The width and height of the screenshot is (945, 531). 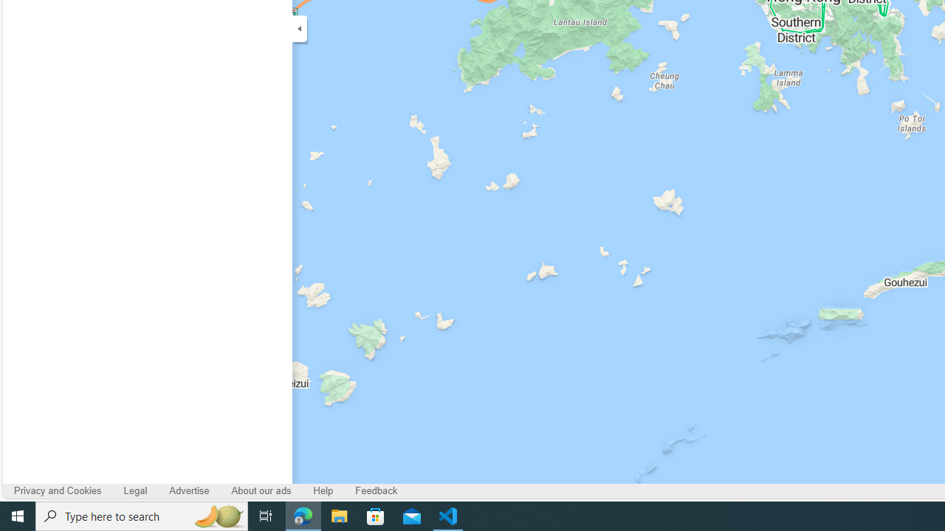 I want to click on 'Expand/Collapse Cards', so click(x=298, y=28).